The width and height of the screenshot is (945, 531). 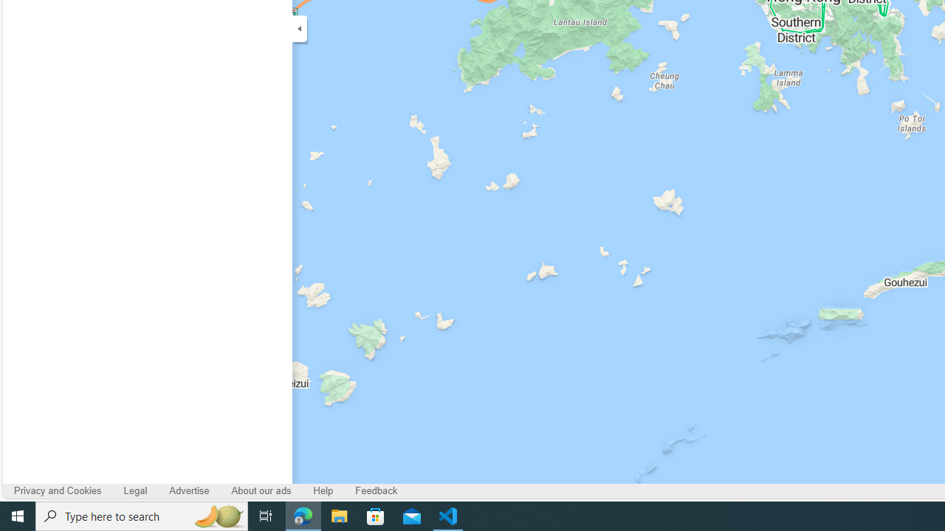 I want to click on 'Expand/Collapse Cards', so click(x=298, y=28).